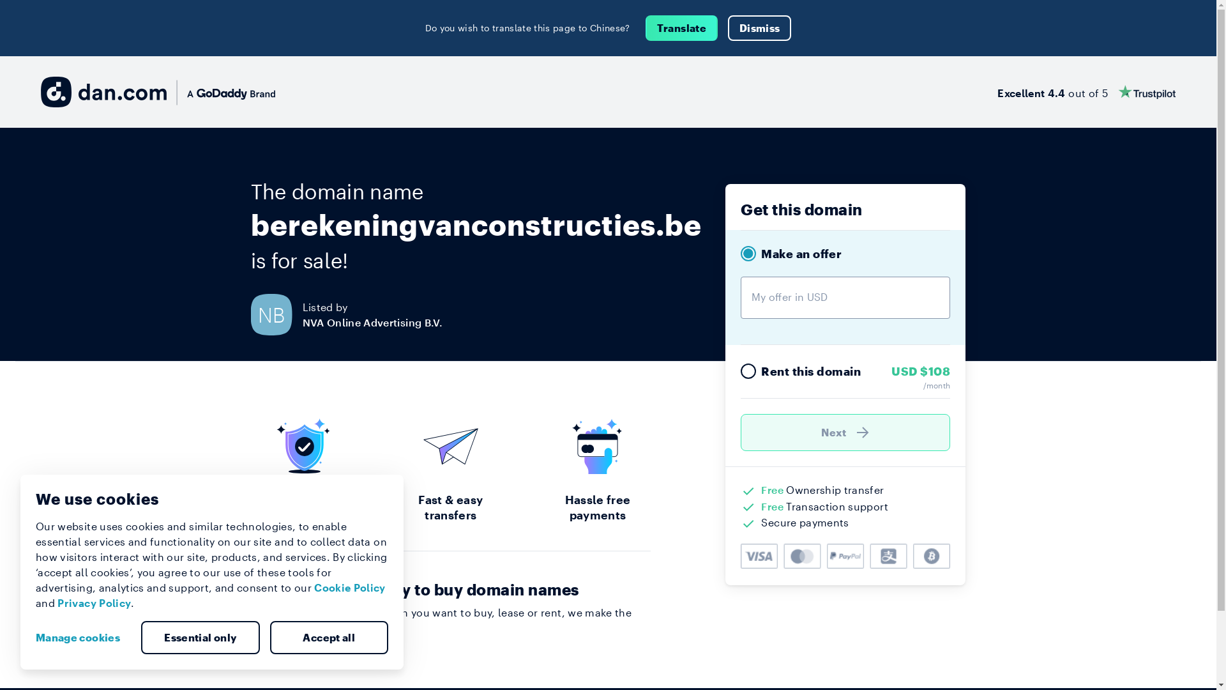  Describe the element at coordinates (314, 587) in the screenshot. I see `'Cookie Policy'` at that location.